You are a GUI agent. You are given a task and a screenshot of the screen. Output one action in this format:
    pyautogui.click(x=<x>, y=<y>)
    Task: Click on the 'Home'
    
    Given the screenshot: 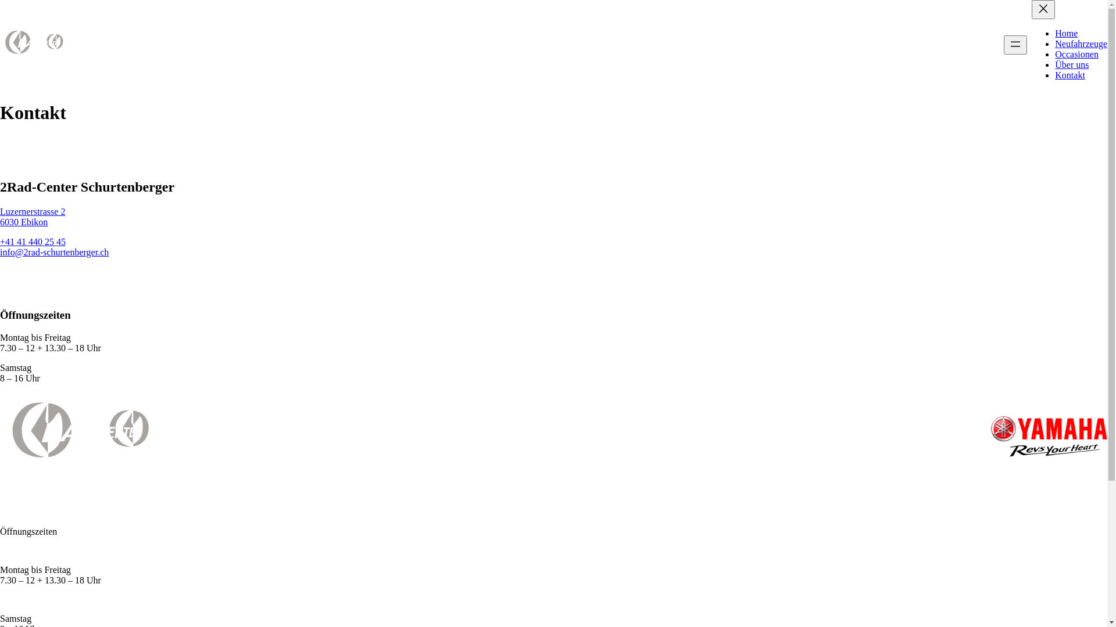 What is the action you would take?
    pyautogui.click(x=1066, y=33)
    